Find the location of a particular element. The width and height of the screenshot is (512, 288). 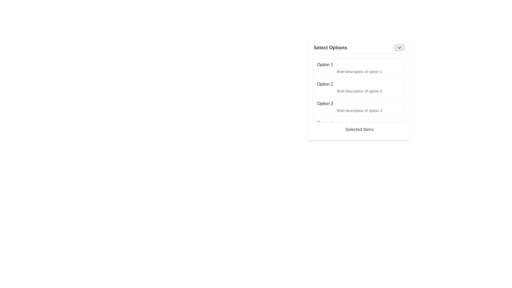

the text element styled in a smaller gray font located below 'Option 1' in the 'Select Options' dropdown menu is located at coordinates (359, 71).